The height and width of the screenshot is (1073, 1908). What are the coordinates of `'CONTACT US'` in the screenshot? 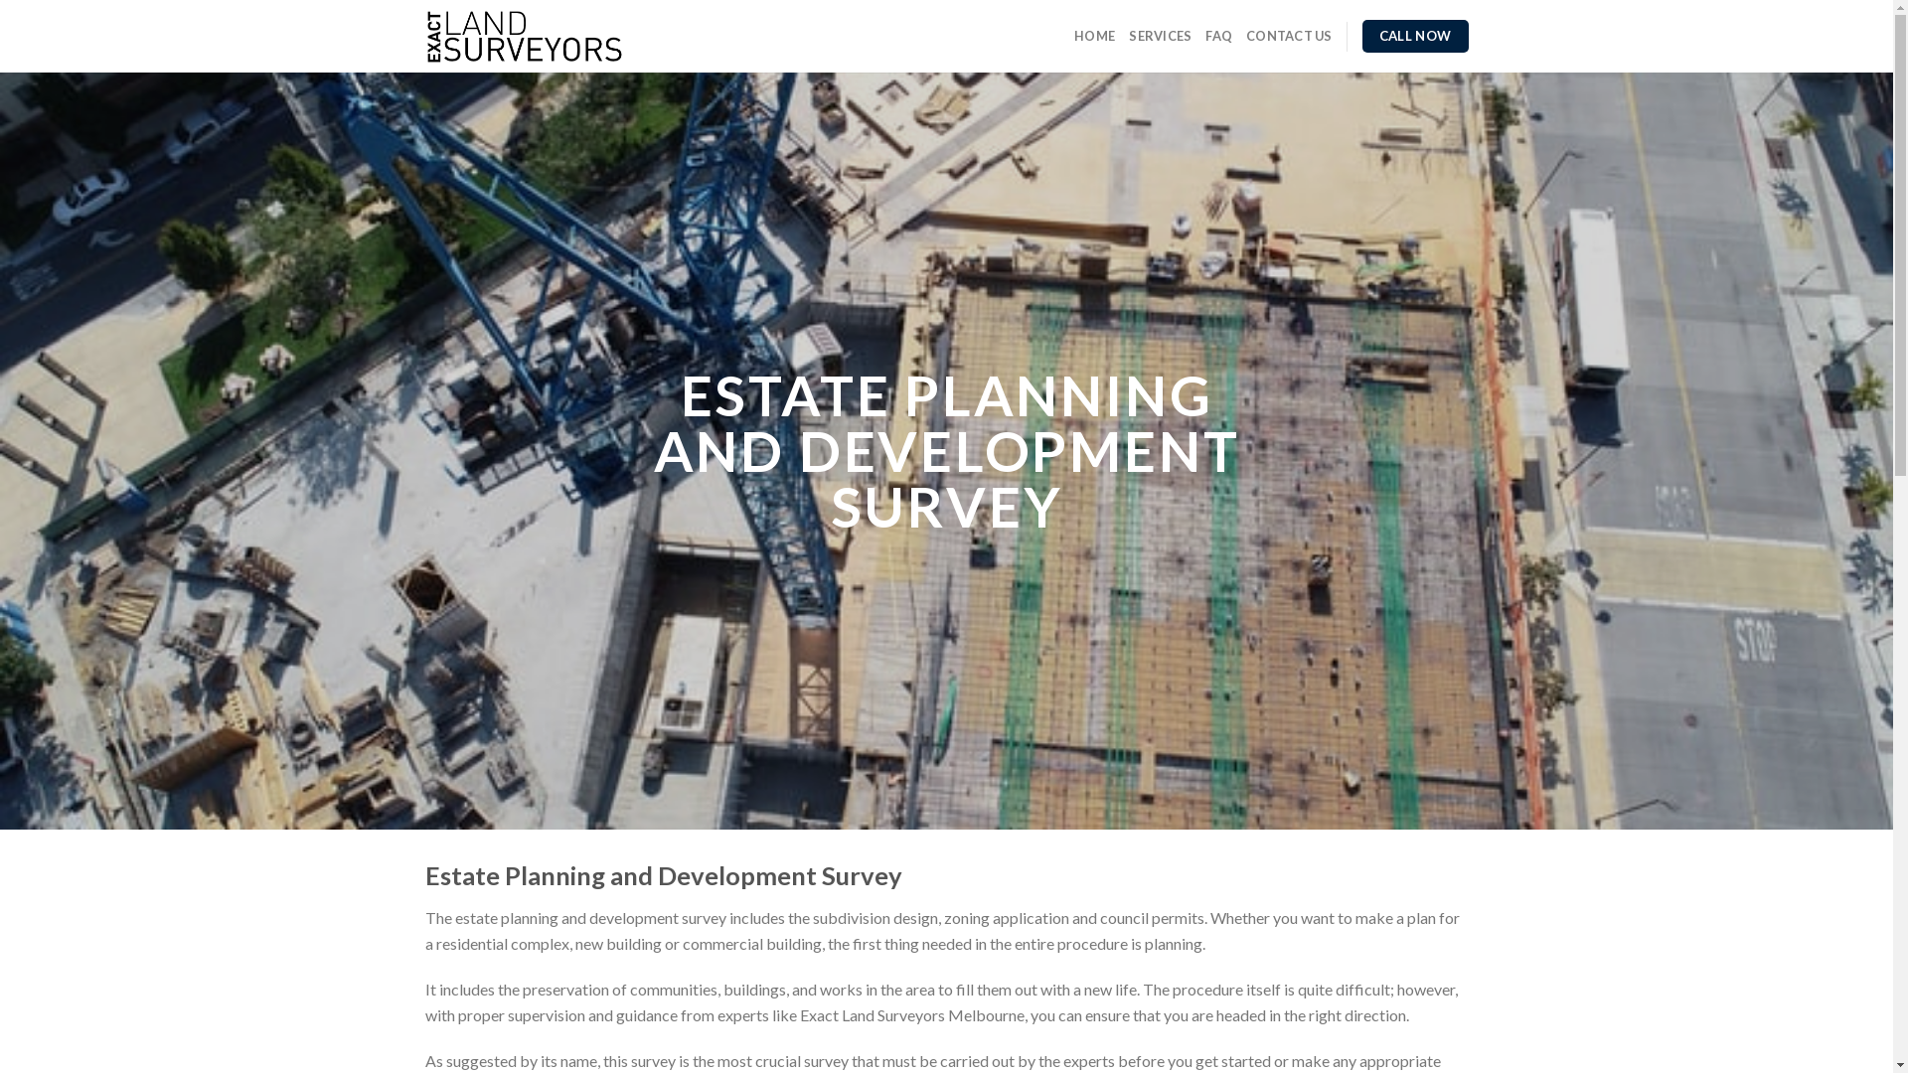 It's located at (1289, 35).